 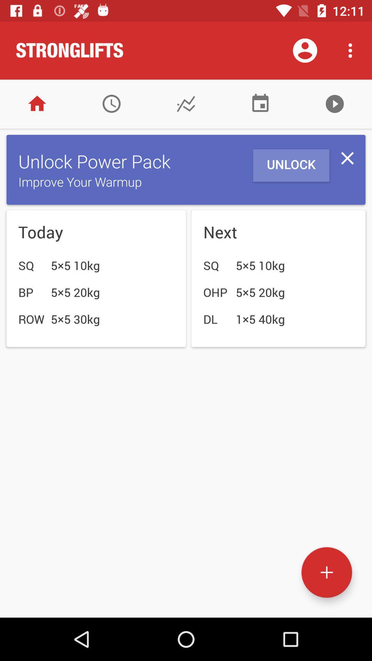 What do you see at coordinates (37, 103) in the screenshot?
I see `home` at bounding box center [37, 103].